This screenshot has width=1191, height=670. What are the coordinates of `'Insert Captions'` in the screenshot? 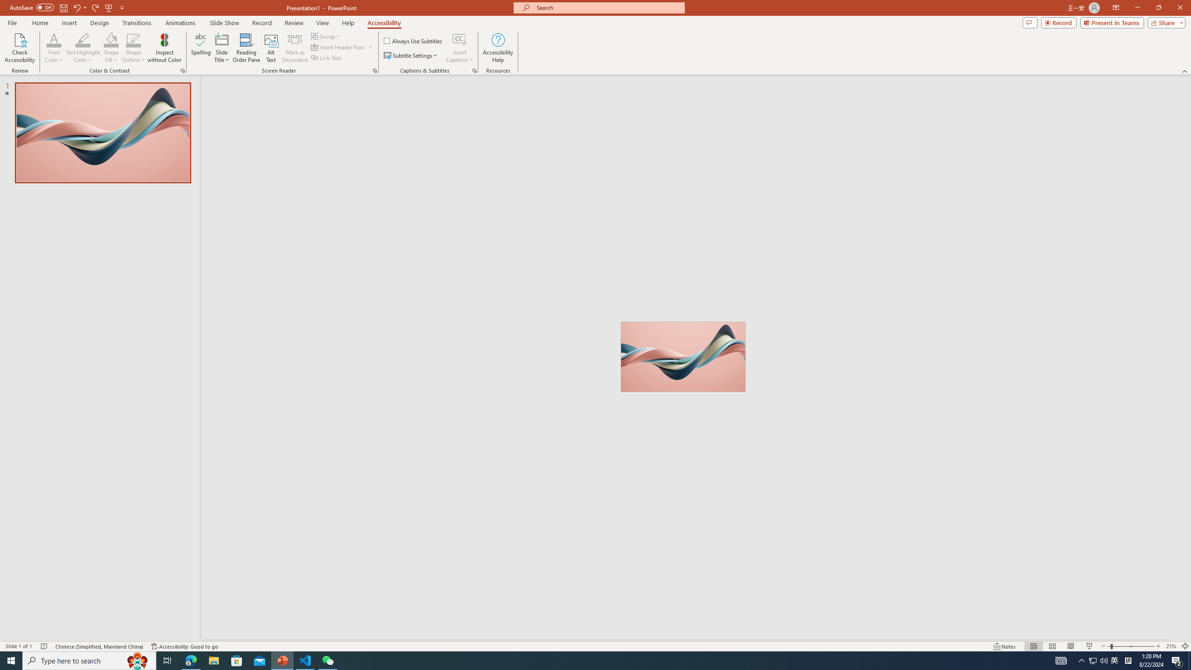 It's located at (459, 39).